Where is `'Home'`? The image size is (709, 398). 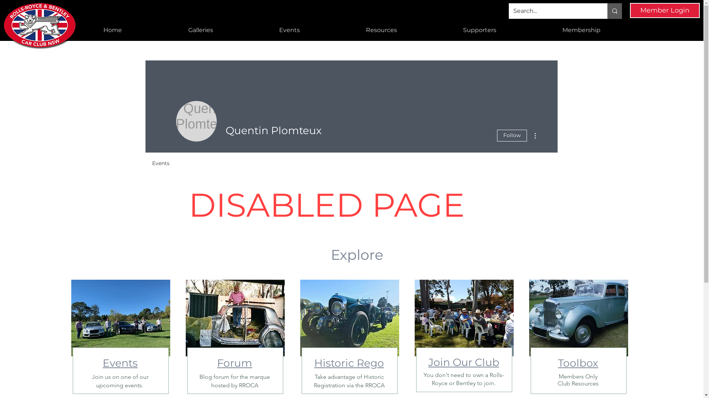 'Home' is located at coordinates (112, 29).